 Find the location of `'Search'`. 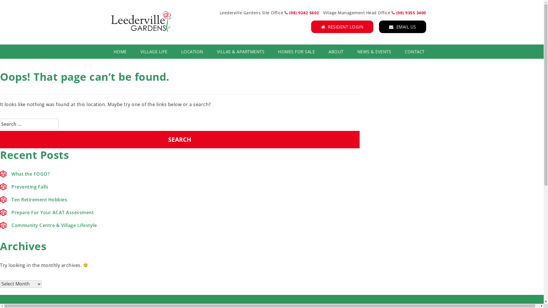

'Search' is located at coordinates (179, 139).